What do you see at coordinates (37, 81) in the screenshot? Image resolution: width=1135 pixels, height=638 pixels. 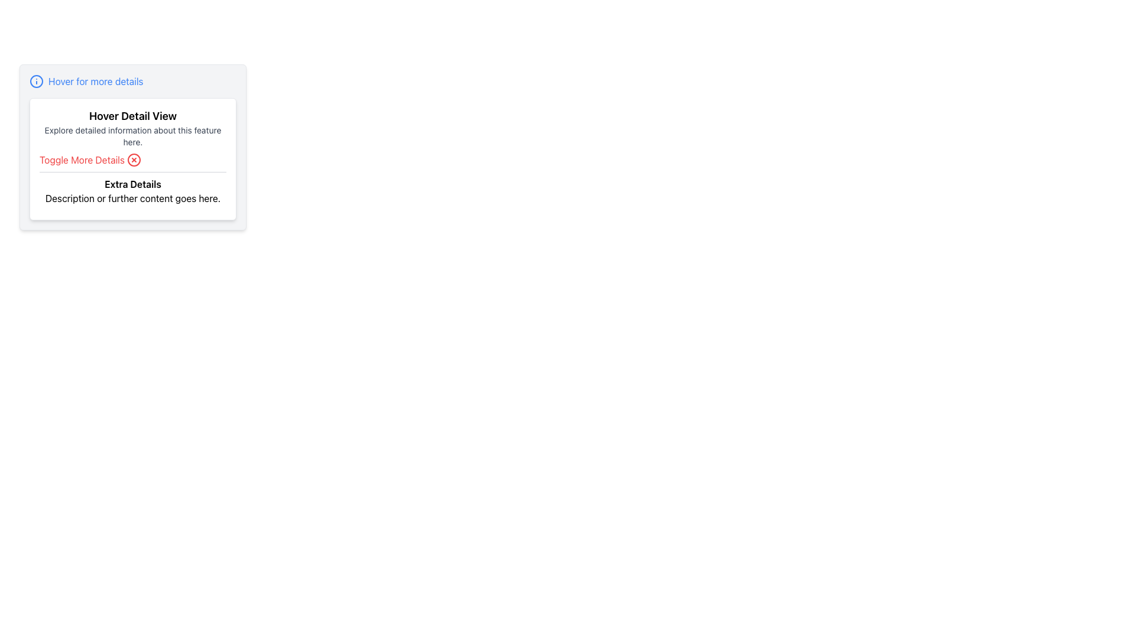 I see `the informational icon with a circular border and 'i' symbol, which is located to the far left of the text label 'Hover for more details.'` at bounding box center [37, 81].